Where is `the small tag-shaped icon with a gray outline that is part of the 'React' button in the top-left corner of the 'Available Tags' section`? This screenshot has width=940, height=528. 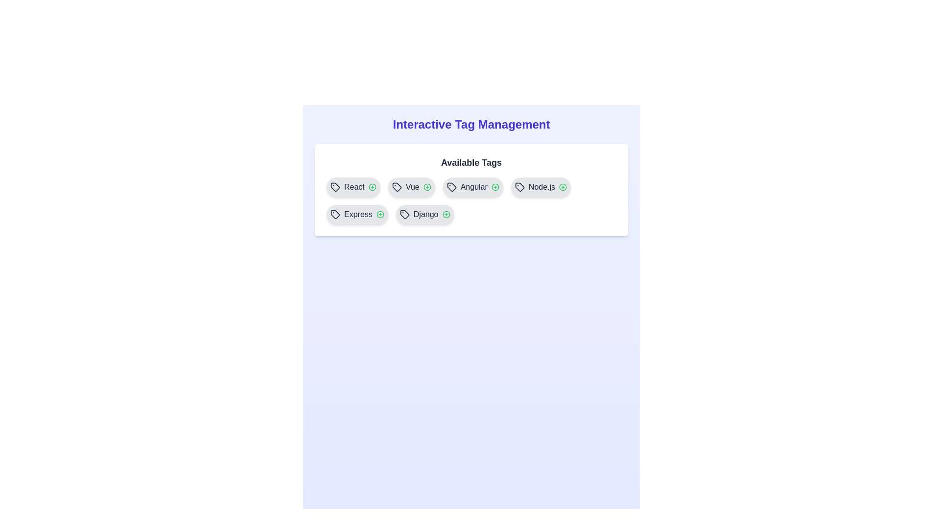
the small tag-shaped icon with a gray outline that is part of the 'React' button in the top-left corner of the 'Available Tags' section is located at coordinates (335, 187).